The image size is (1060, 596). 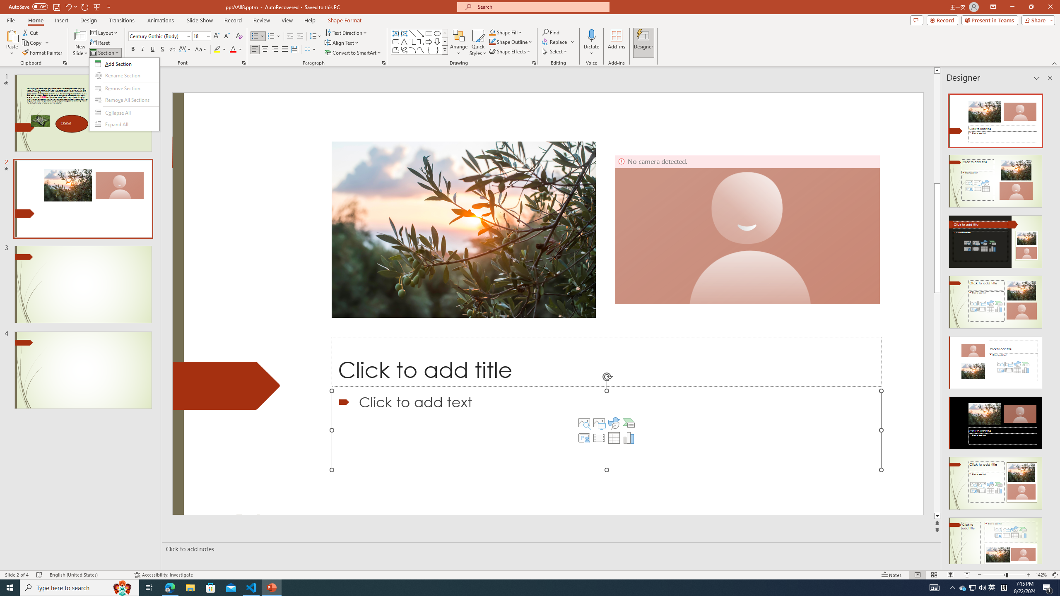 I want to click on 'Insert Cameo', so click(x=584, y=437).